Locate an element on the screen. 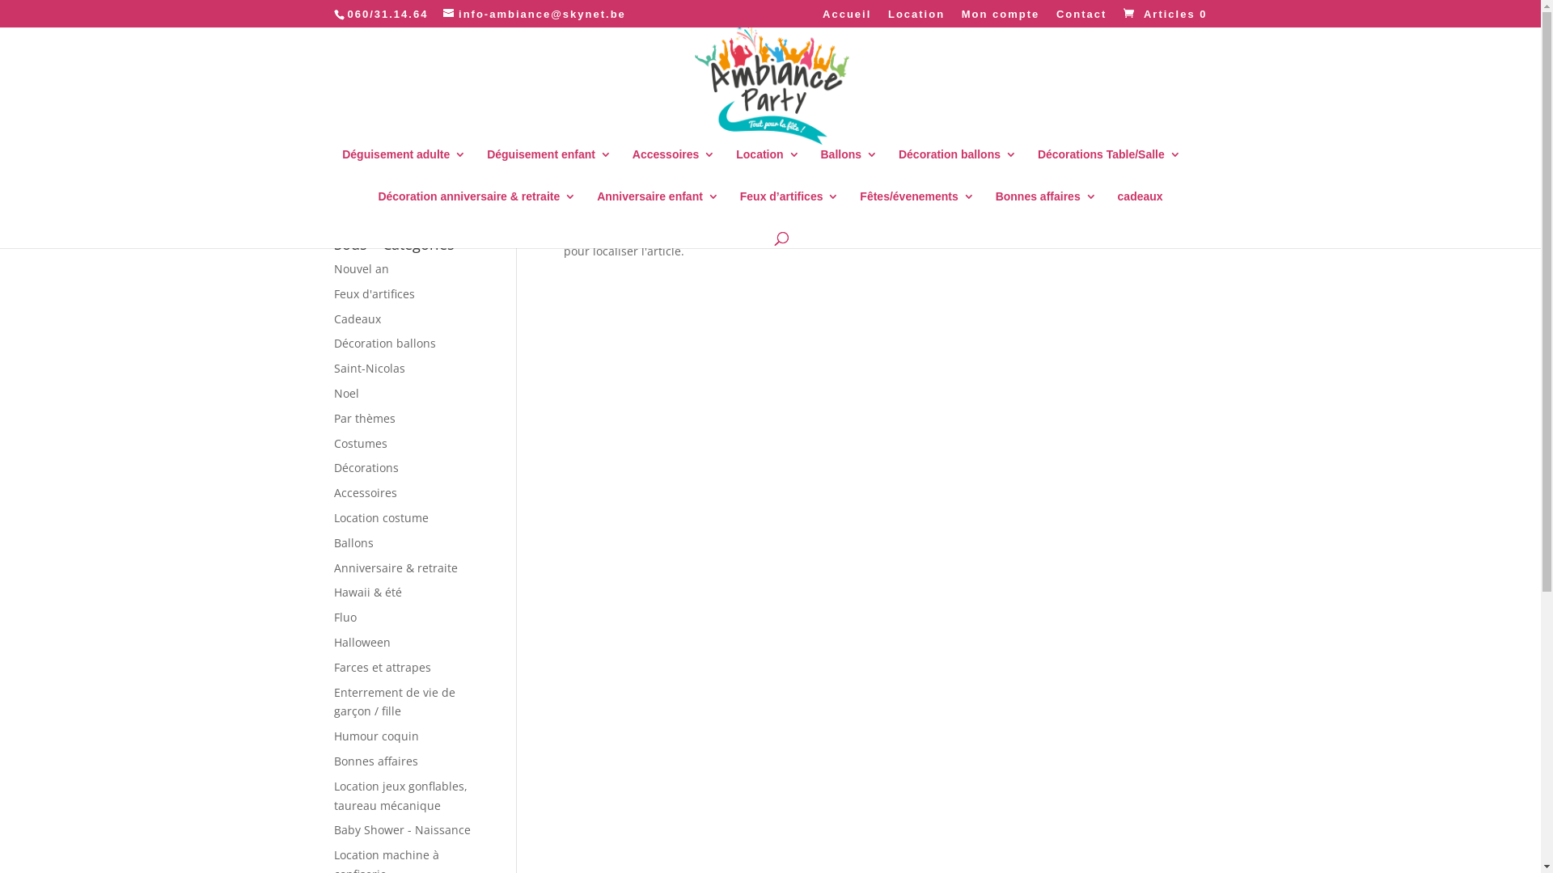  'Farces et attrapes' is located at coordinates (380, 667).